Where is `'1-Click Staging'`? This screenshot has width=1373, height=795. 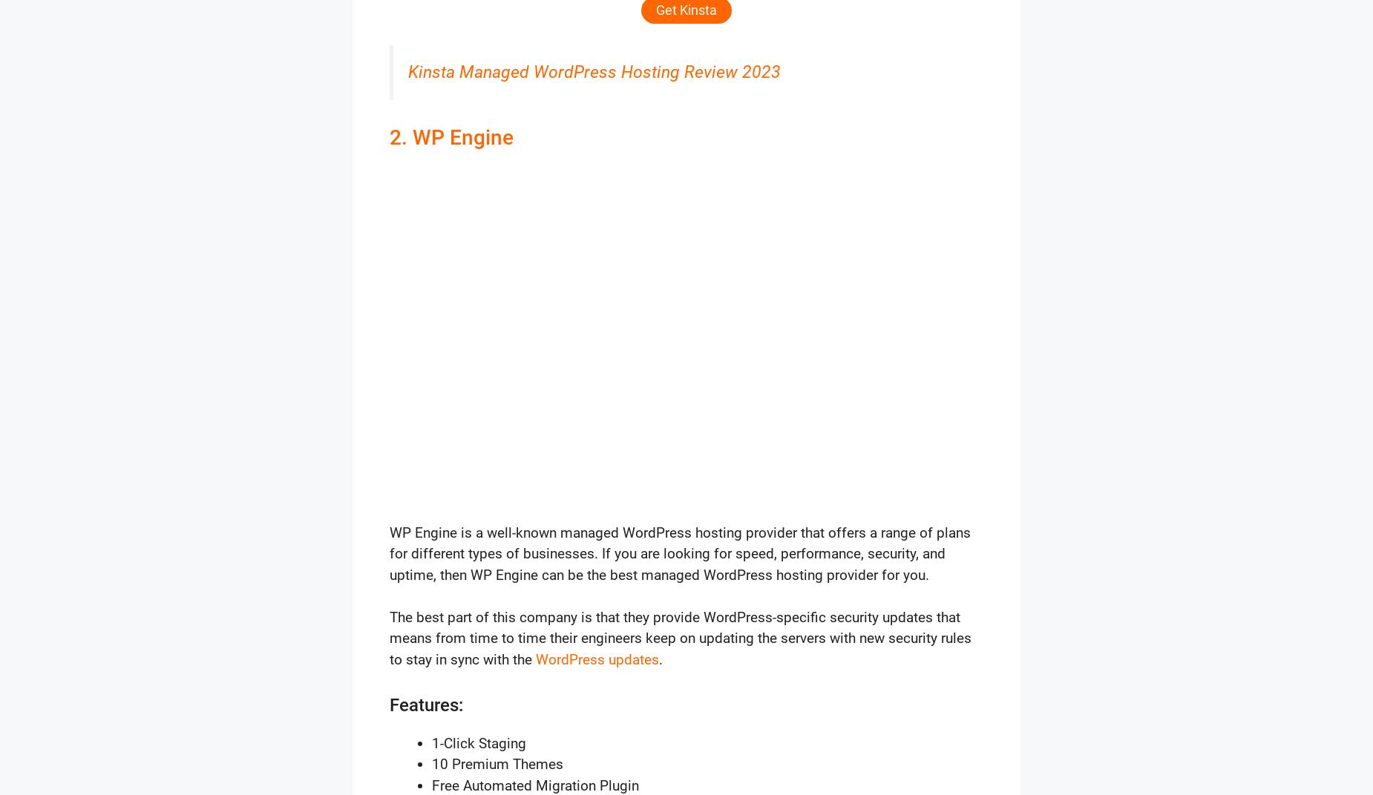 '1-Click Staging' is located at coordinates (479, 742).